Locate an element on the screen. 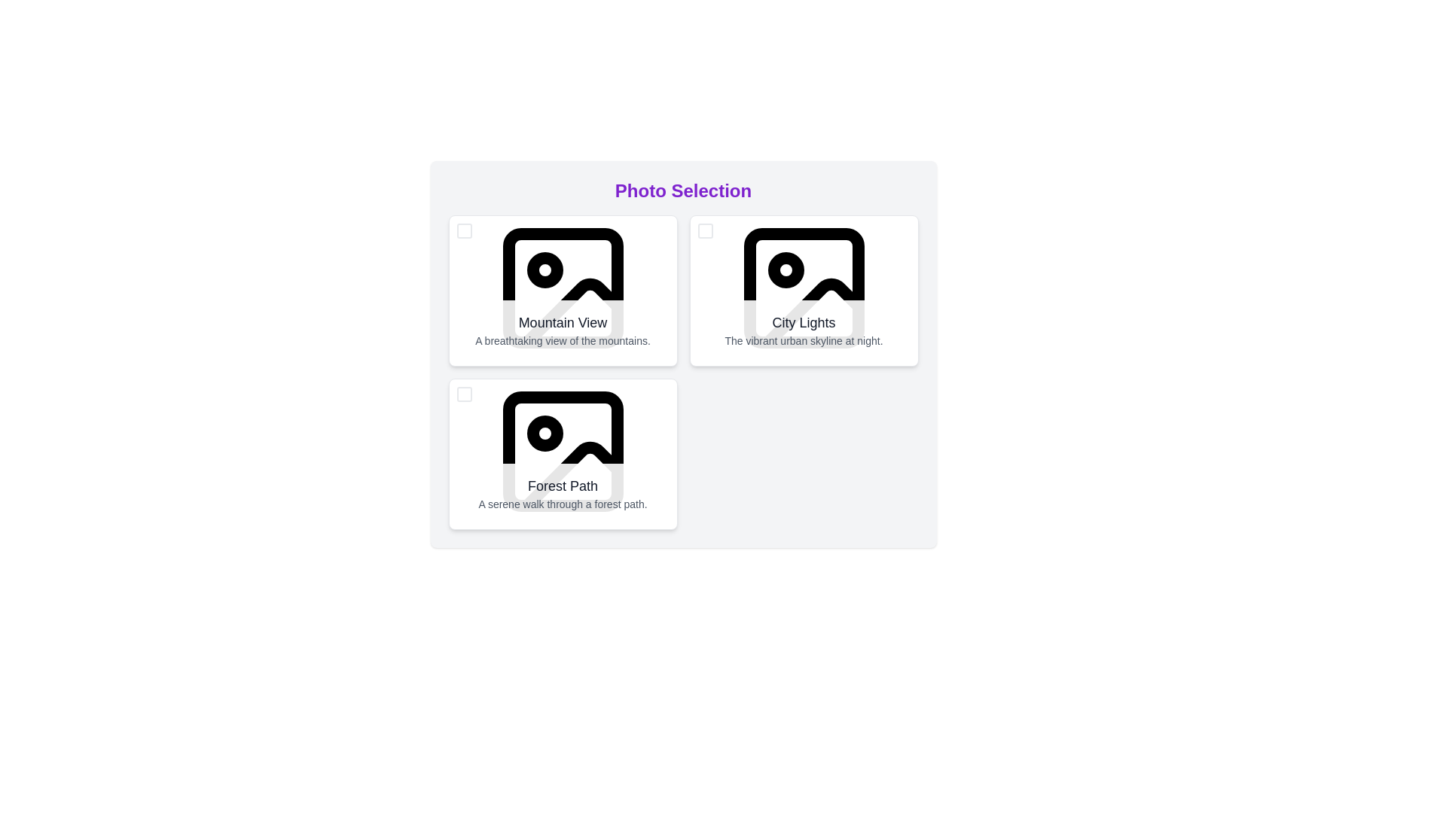 The width and height of the screenshot is (1446, 813). the text-based informational panel at the bottom of the card labeled 'City Lights', which displays the title 'City Lights' and the phrase 'The vibrant urban skyline at night' is located at coordinates (803, 330).